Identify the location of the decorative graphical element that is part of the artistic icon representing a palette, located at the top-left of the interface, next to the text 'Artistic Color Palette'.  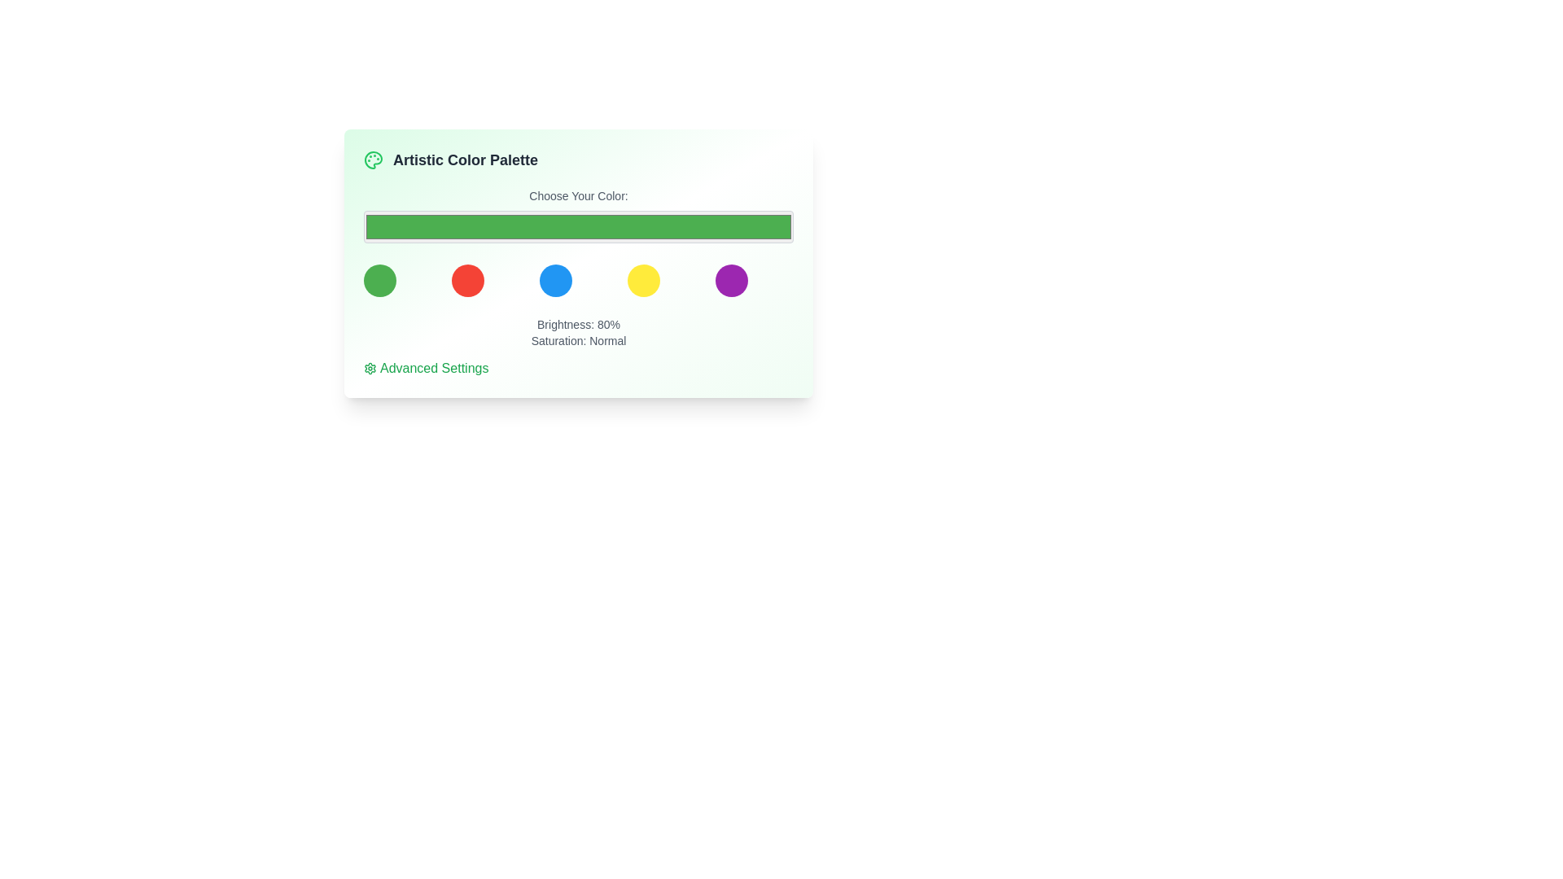
(373, 160).